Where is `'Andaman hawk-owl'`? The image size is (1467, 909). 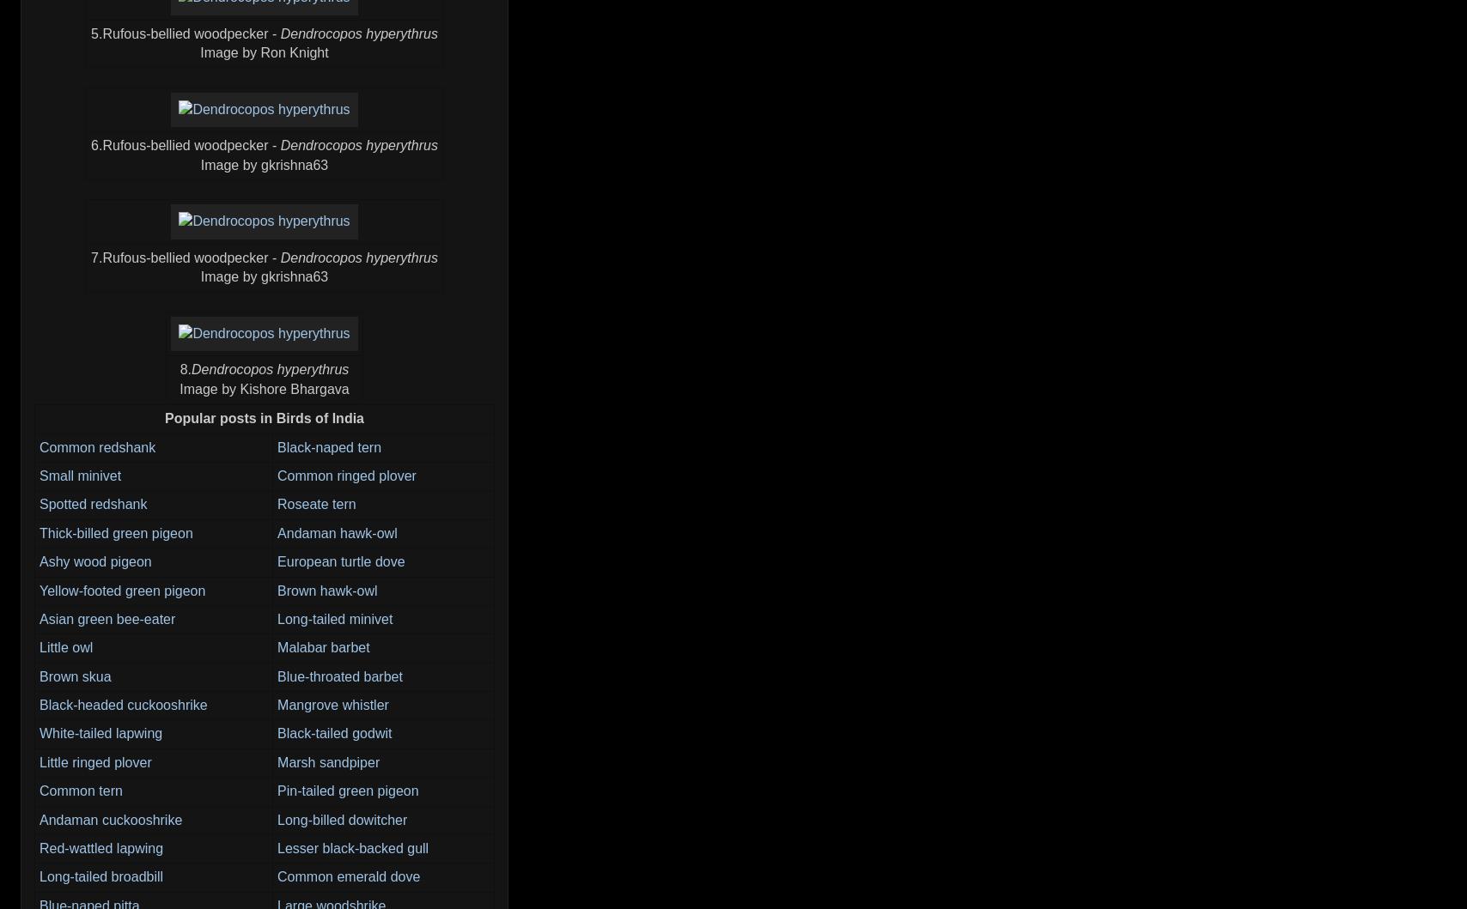 'Andaman hawk-owl' is located at coordinates (337, 531).